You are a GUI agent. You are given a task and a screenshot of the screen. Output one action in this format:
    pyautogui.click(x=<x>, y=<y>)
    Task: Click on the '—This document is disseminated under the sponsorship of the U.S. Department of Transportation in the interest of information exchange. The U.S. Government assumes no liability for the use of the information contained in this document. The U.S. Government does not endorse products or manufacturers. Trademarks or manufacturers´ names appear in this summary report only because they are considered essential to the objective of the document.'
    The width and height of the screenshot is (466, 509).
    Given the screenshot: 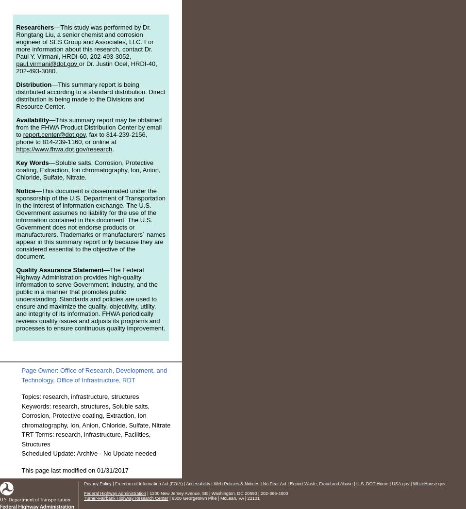 What is the action you would take?
    pyautogui.click(x=91, y=224)
    